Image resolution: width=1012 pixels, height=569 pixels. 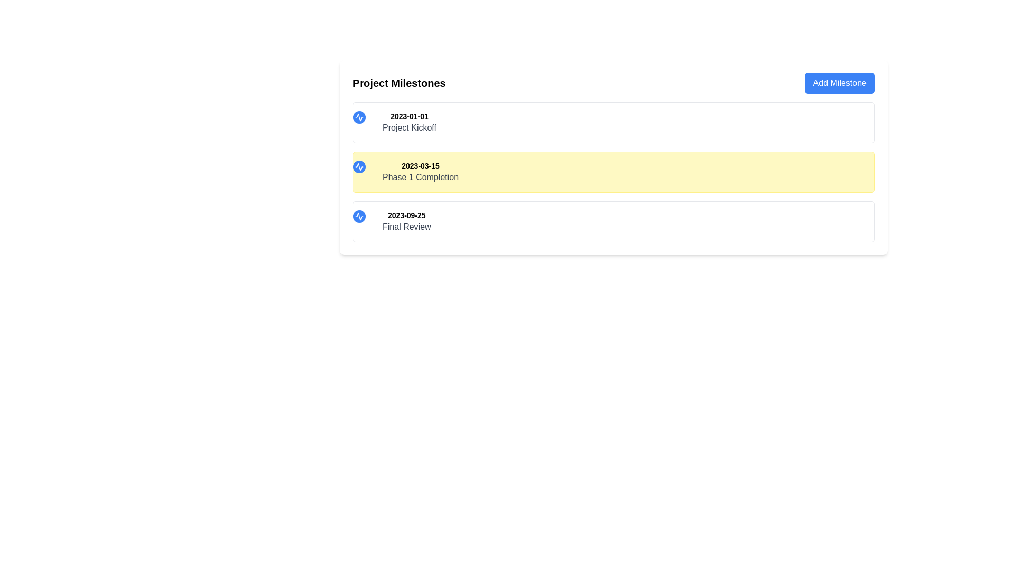 I want to click on the decorative graphic icon representing activity or progress for the milestone labeled '2023-03-15 Phase 1 Completion', which is positioned in the second milestone item with a highlighted yellow background, so click(x=359, y=166).